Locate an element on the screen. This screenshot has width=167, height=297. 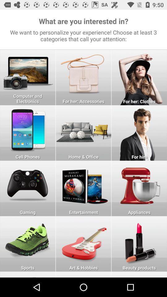
open gaming option is located at coordinates (27, 188).